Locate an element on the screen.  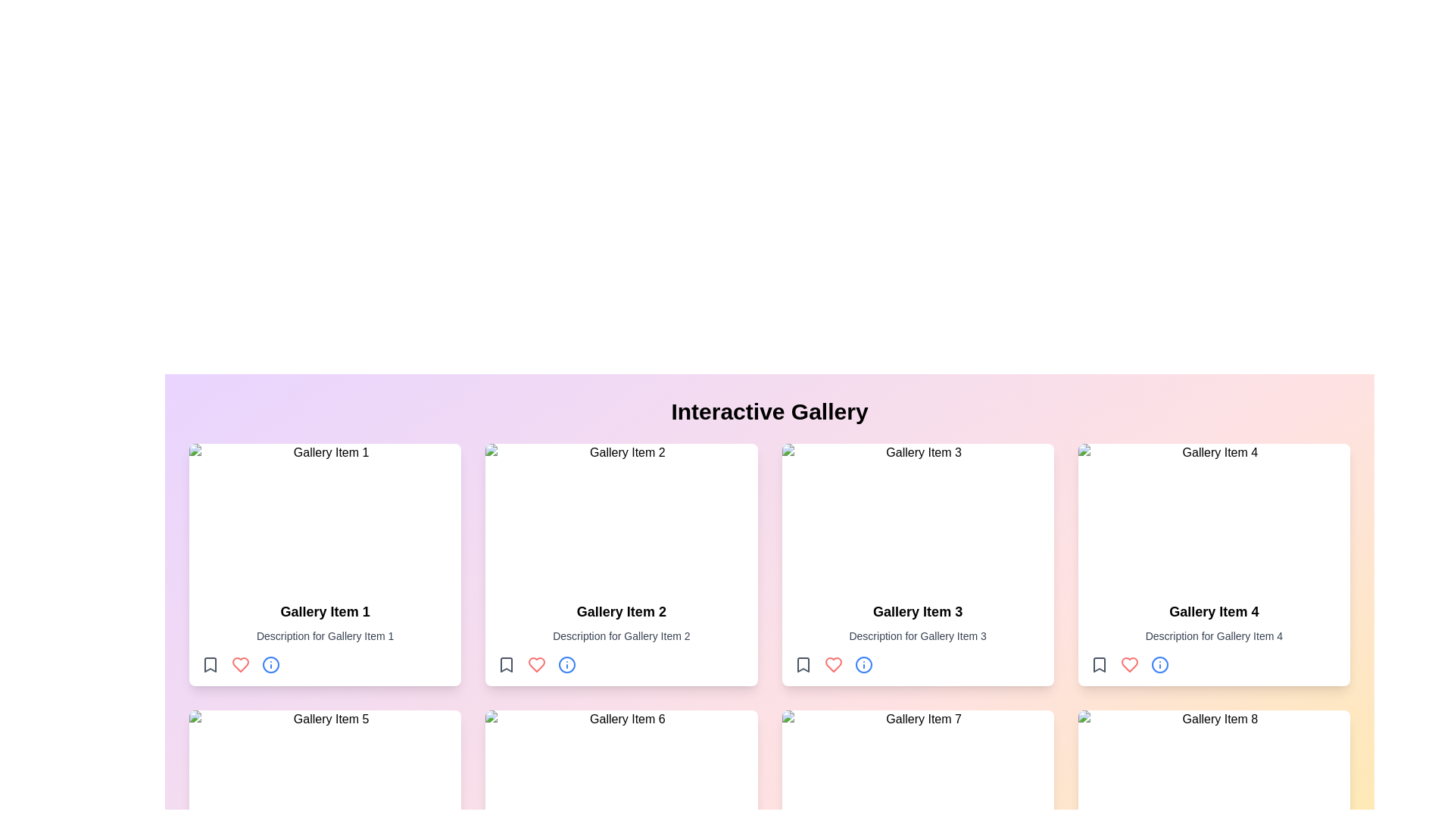
the gallery card component that displays visual and textual information about an item, located in the second column of the first row of the grid layout is located at coordinates (621, 564).